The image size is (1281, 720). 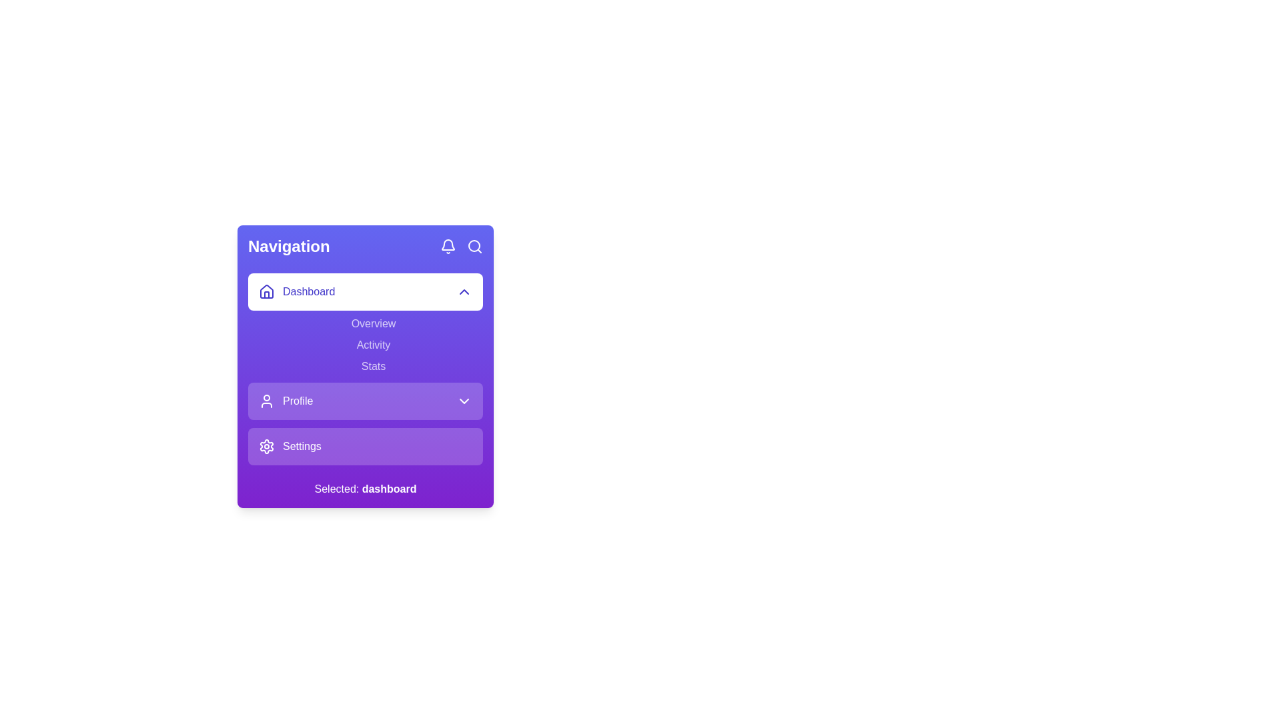 I want to click on the navigation link in the 'Dashboard' section that allows access to statistics-related content, which is the third item in the vertical list after 'Overview' and 'Activity', so click(x=374, y=367).